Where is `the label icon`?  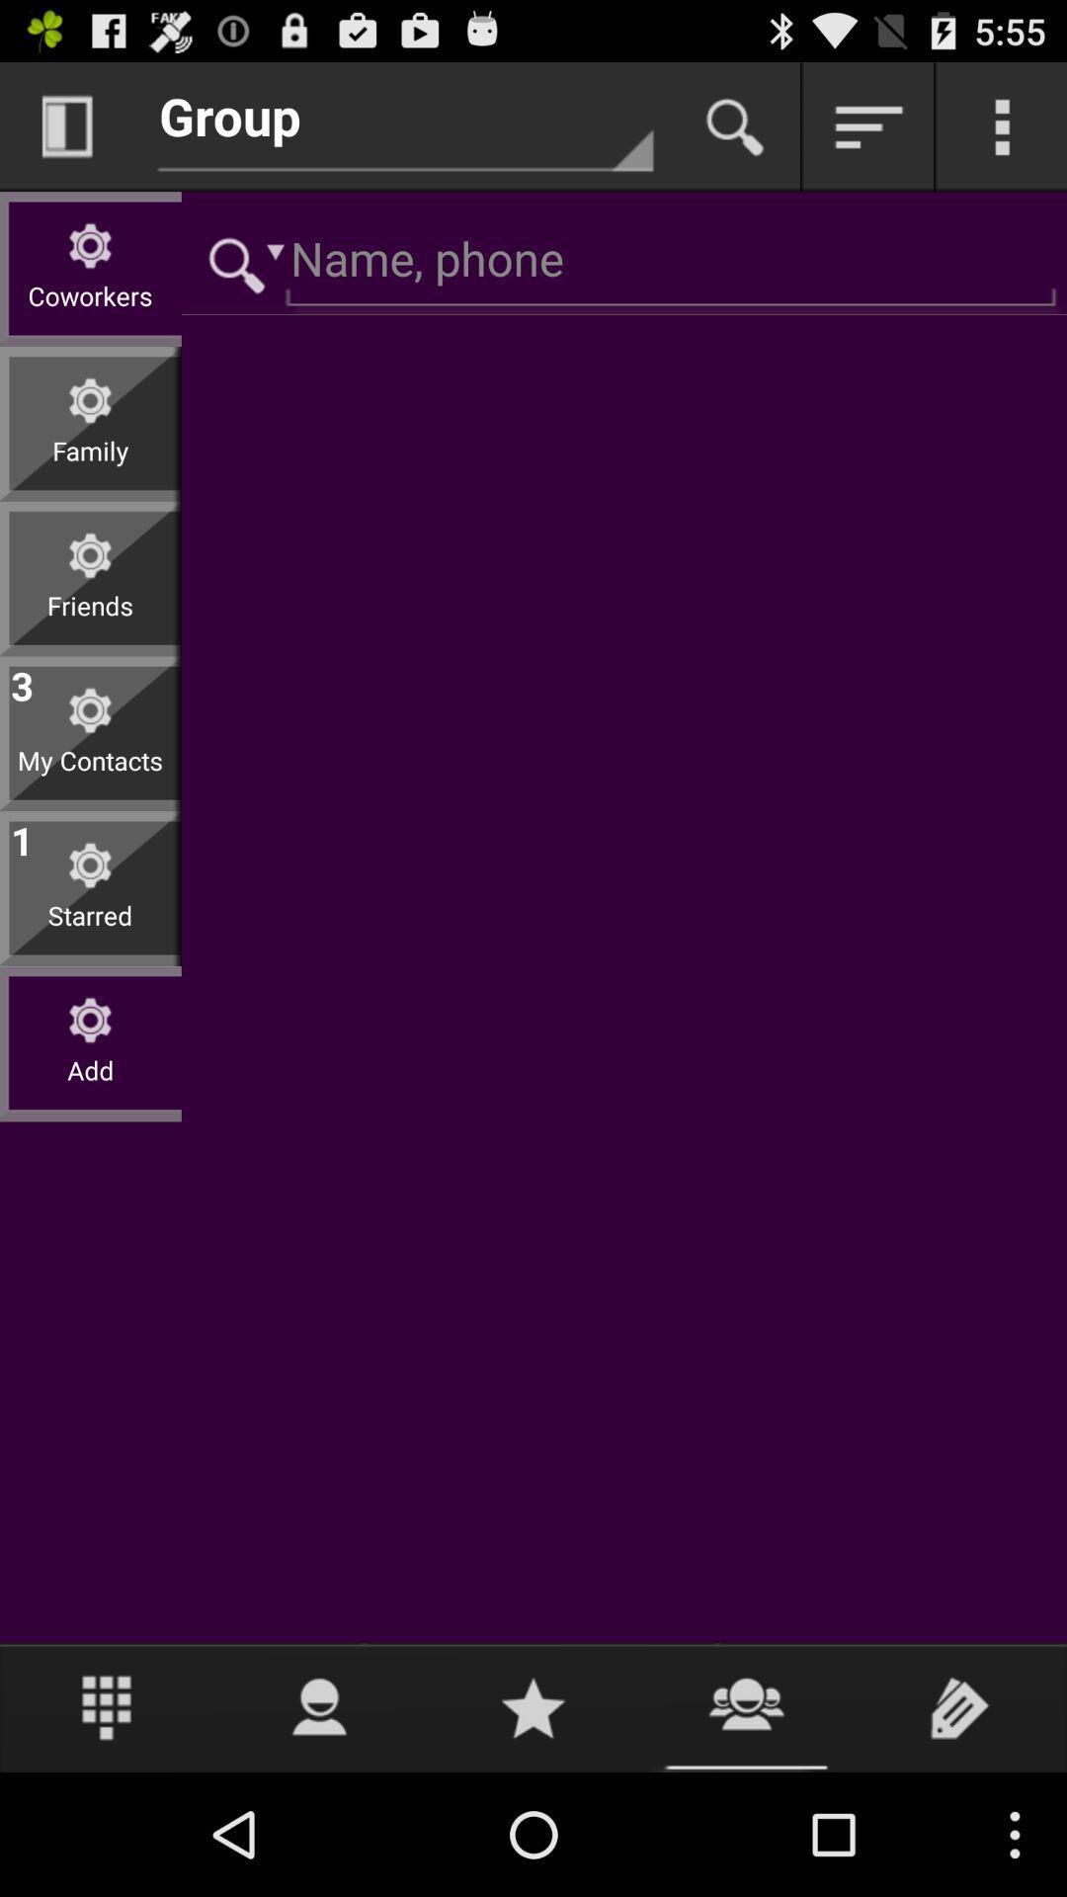
the label icon is located at coordinates (959, 1826).